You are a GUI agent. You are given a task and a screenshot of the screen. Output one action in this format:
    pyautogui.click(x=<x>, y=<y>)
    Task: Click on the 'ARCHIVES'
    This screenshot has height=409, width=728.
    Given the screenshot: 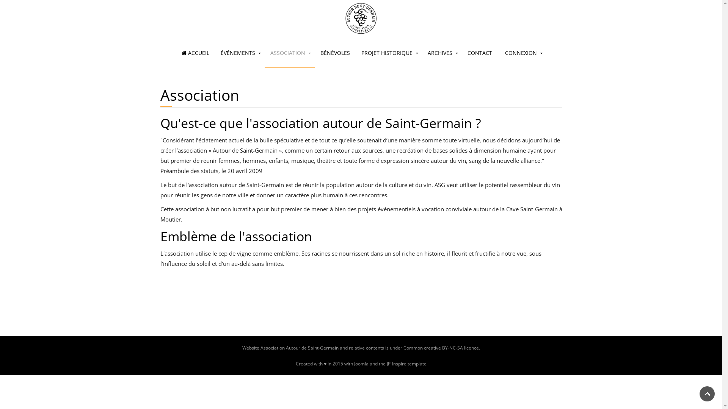 What is the action you would take?
    pyautogui.click(x=442, y=52)
    